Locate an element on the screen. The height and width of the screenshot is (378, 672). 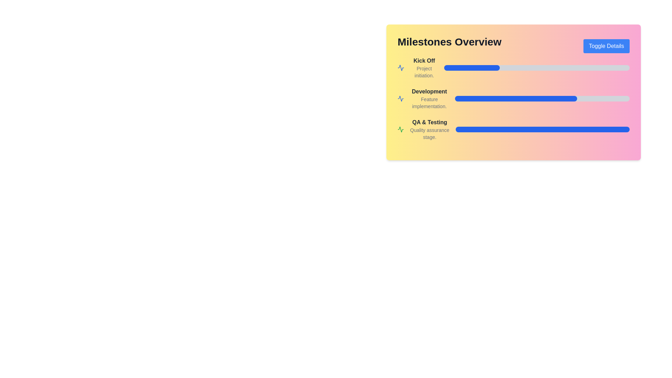
the 'Toggle Details' button in the 'Milestones Overview' section to prepare for interaction is located at coordinates (513, 46).